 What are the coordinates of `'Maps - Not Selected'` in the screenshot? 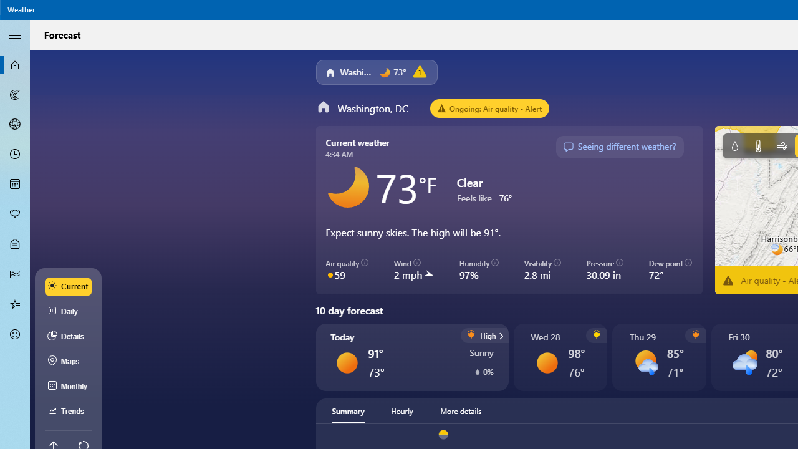 It's located at (15, 94).